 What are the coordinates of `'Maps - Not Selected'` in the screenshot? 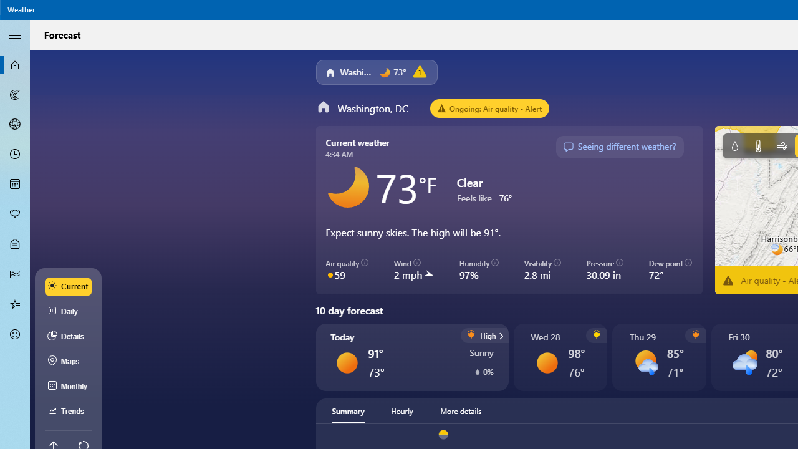 It's located at (15, 94).